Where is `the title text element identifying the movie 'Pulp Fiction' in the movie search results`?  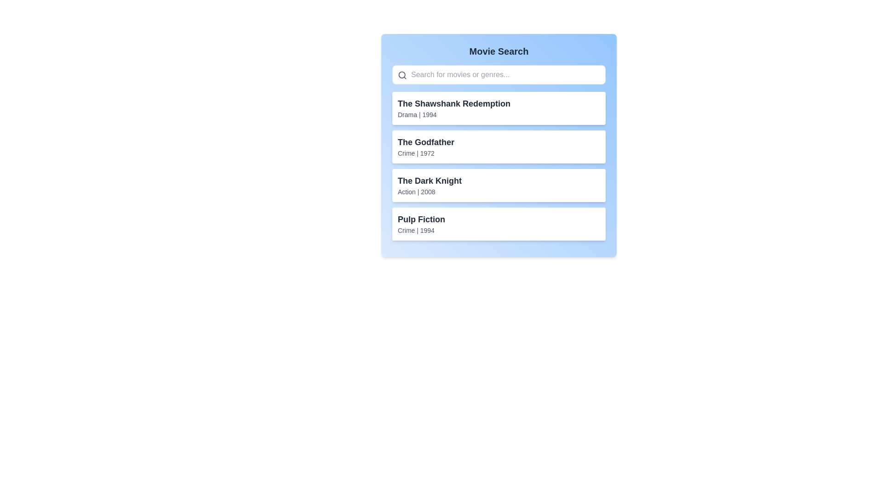
the title text element identifying the movie 'Pulp Fiction' in the movie search results is located at coordinates (421, 220).